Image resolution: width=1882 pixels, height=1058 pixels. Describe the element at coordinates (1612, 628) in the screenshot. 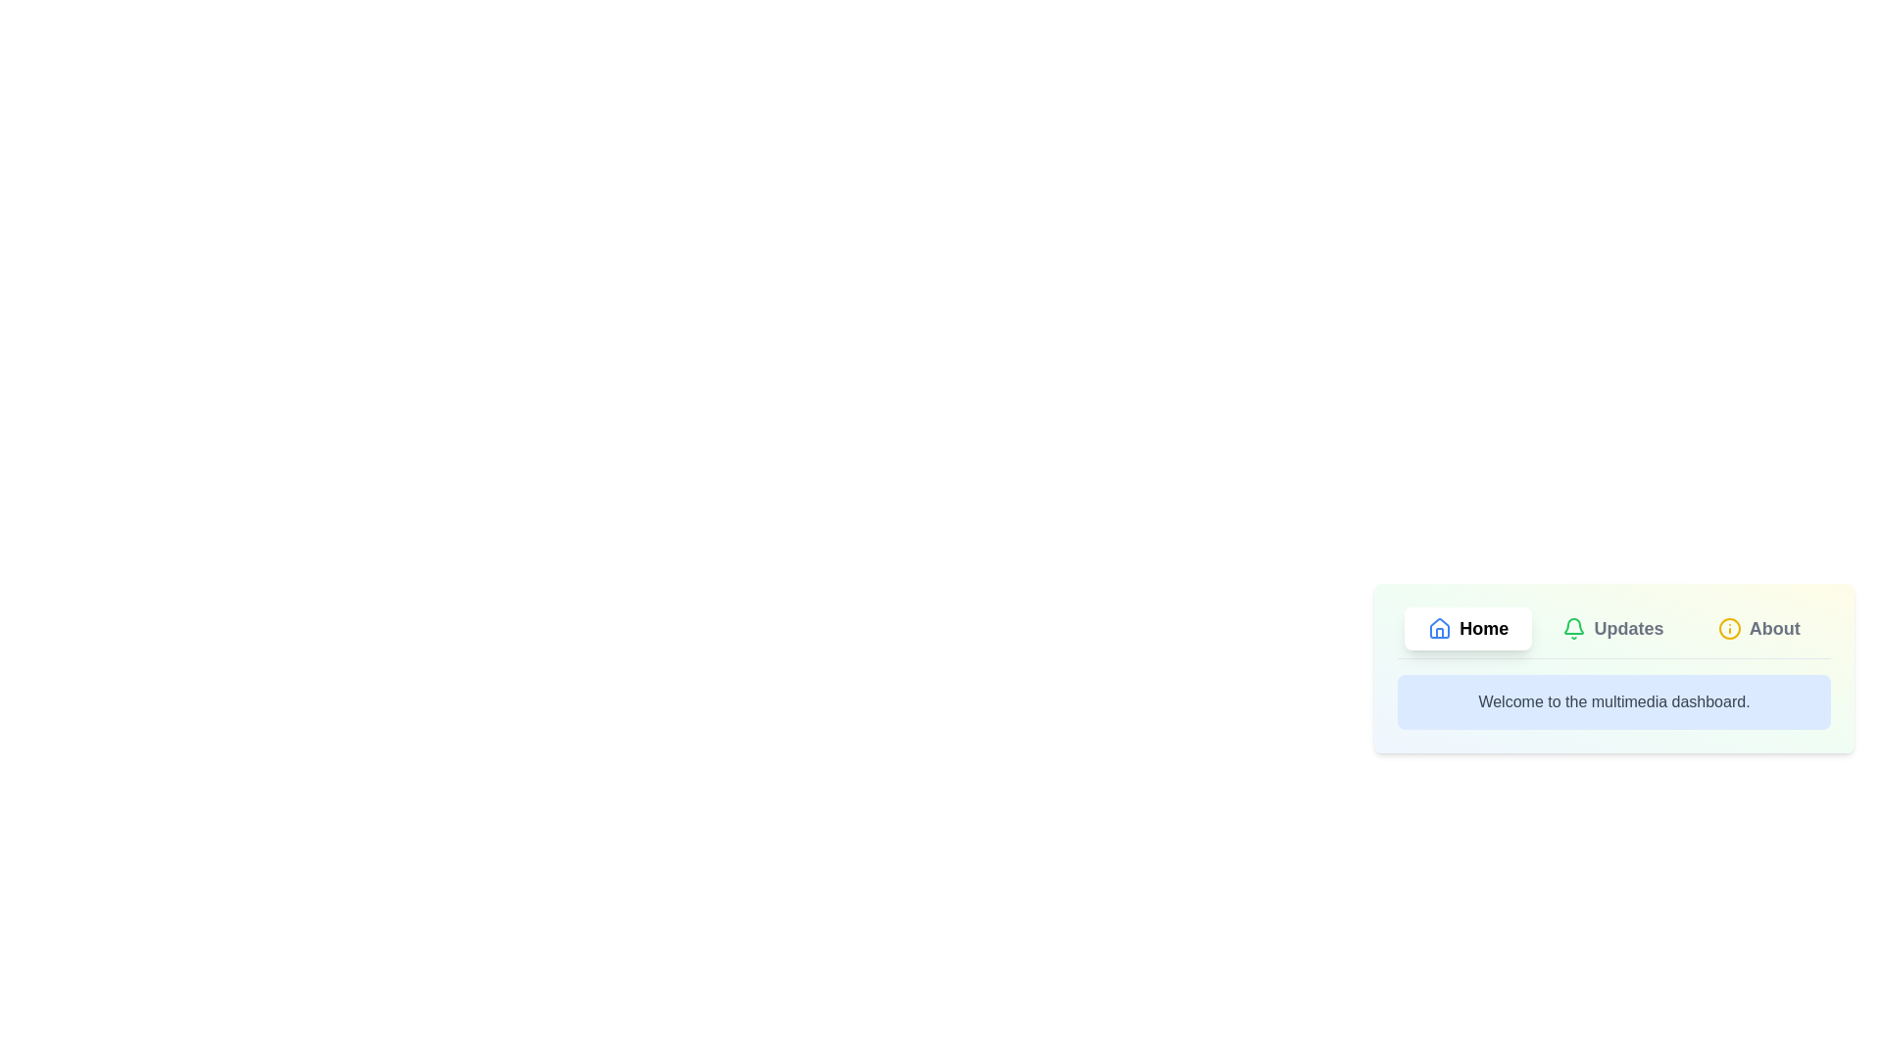

I see `the Updates tab` at that location.